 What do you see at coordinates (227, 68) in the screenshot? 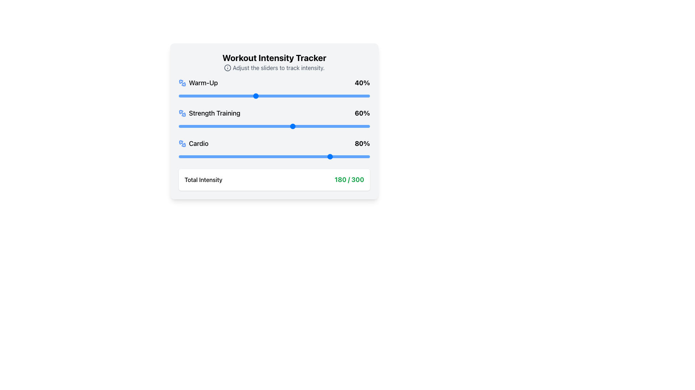
I see `the icon with a circular border that is positioned left of the text 'Adjust the sliders to track intensity.'` at bounding box center [227, 68].